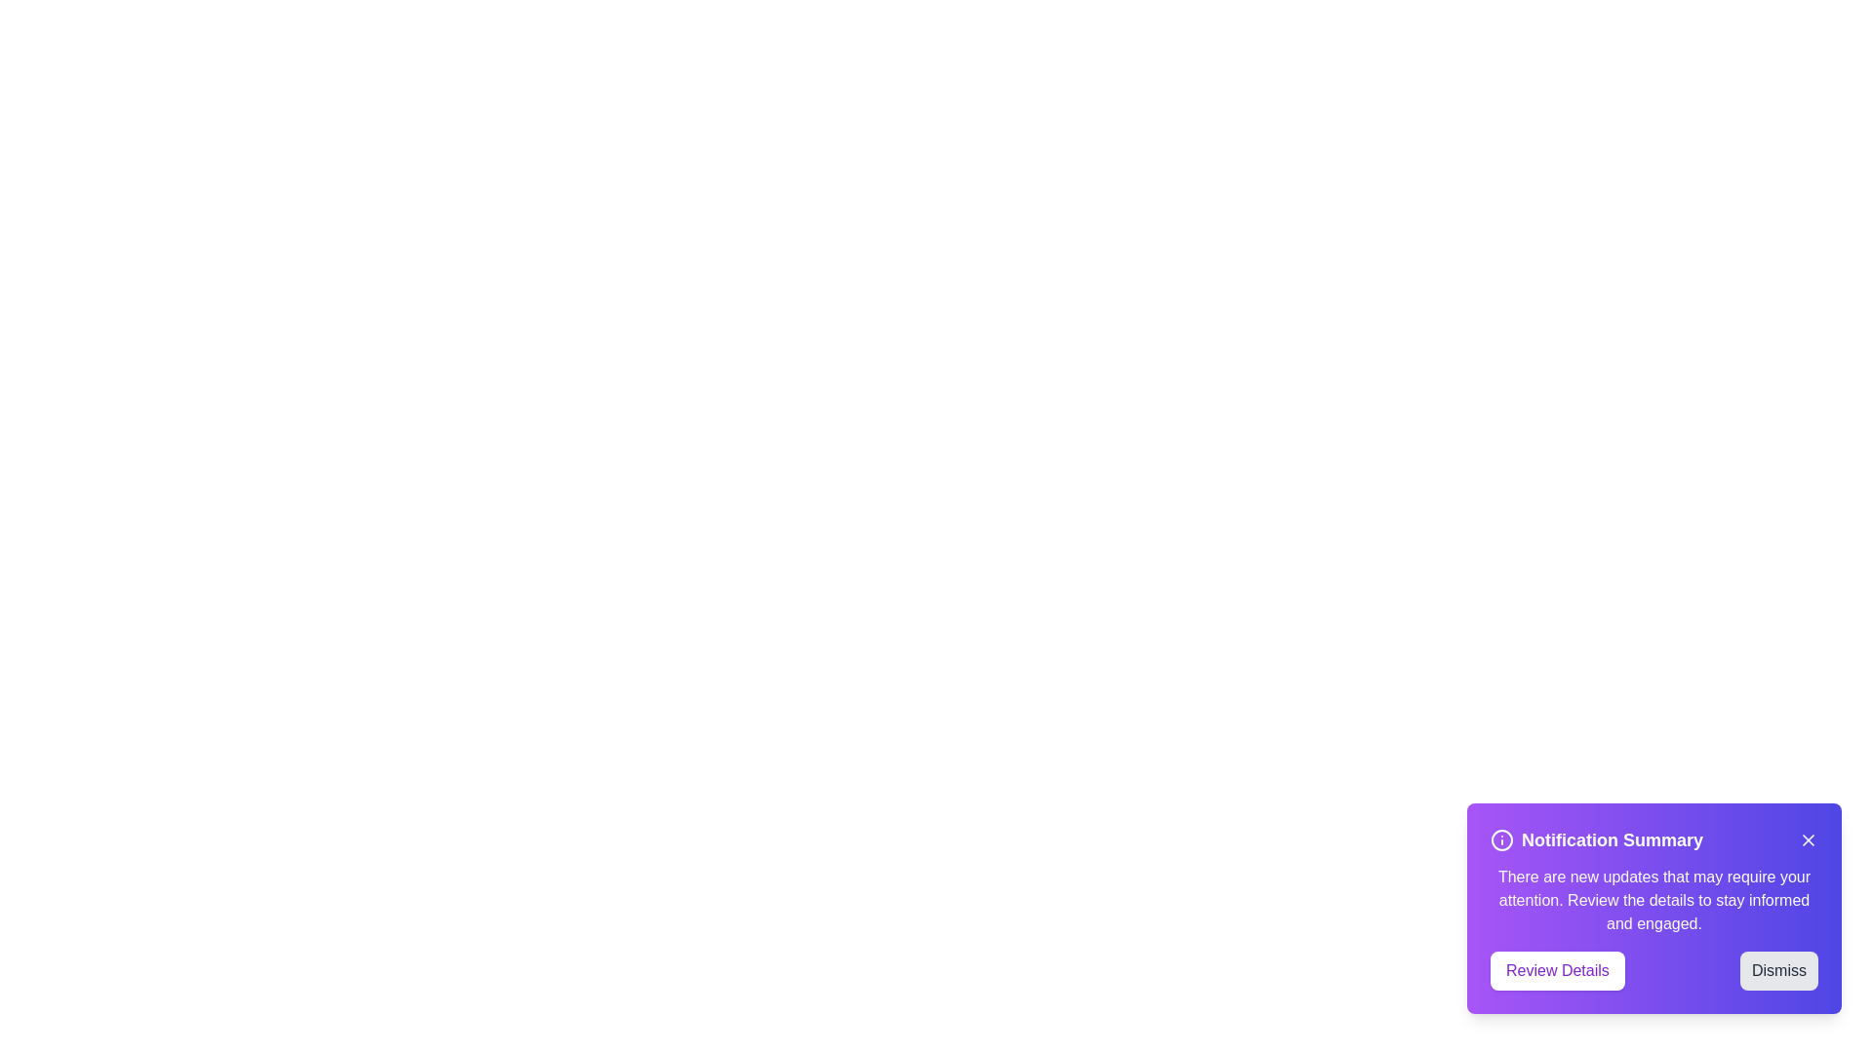  I want to click on the button Review Details to see the hover effect, so click(1556, 970).